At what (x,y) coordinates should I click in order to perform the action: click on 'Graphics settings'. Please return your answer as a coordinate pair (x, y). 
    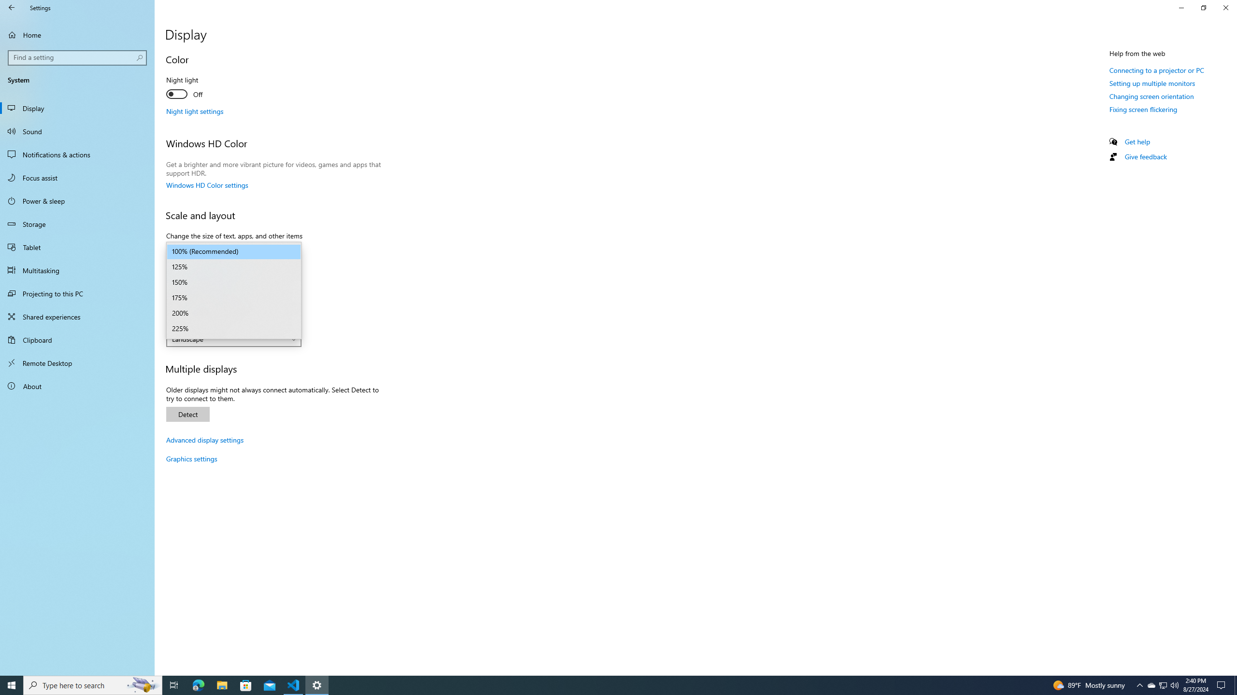
    Looking at the image, I should click on (191, 458).